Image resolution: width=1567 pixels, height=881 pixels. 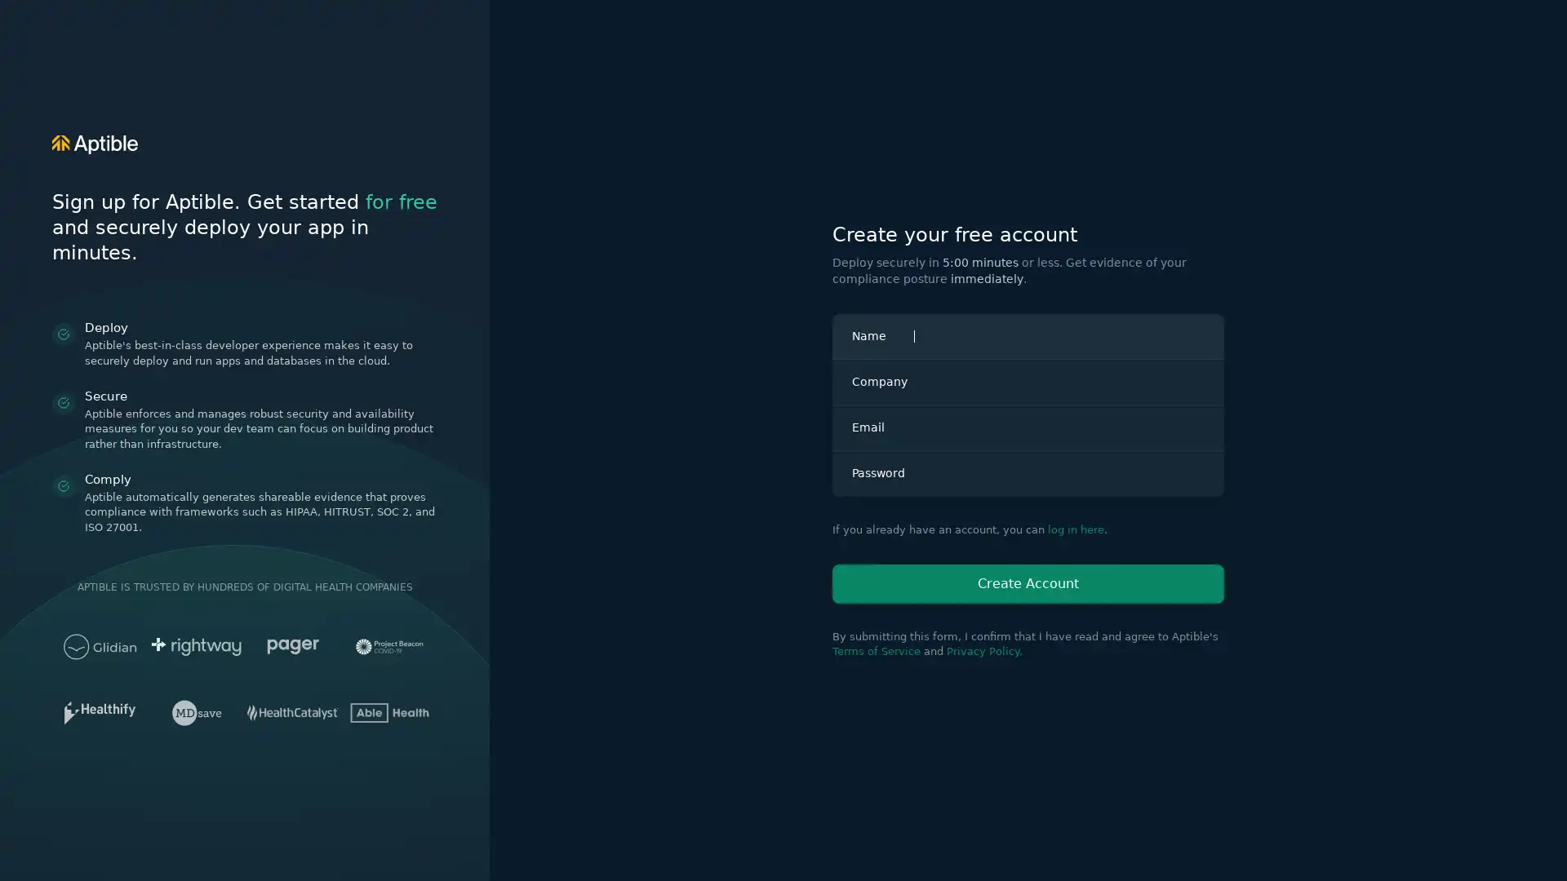 I want to click on Create Account, so click(x=1027, y=582).